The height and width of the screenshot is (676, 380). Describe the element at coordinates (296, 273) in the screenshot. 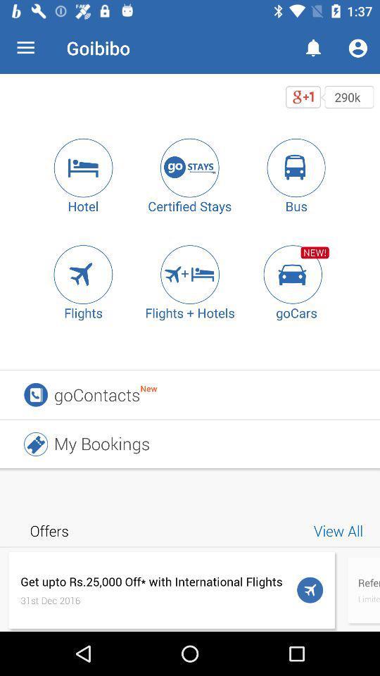

I see `gocars` at that location.